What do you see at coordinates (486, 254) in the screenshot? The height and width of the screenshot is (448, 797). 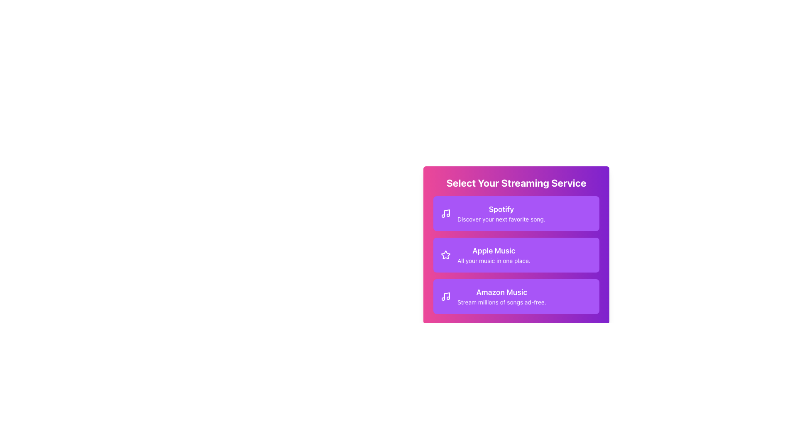 I see `the 'Apple Music' Text and Icon Combo, which is centrally aligned in the second horizontal section of the list styled as a purple card` at bounding box center [486, 254].